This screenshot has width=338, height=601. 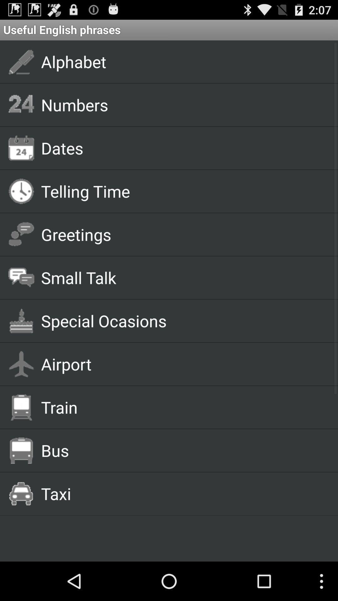 I want to click on small talk, so click(x=182, y=277).